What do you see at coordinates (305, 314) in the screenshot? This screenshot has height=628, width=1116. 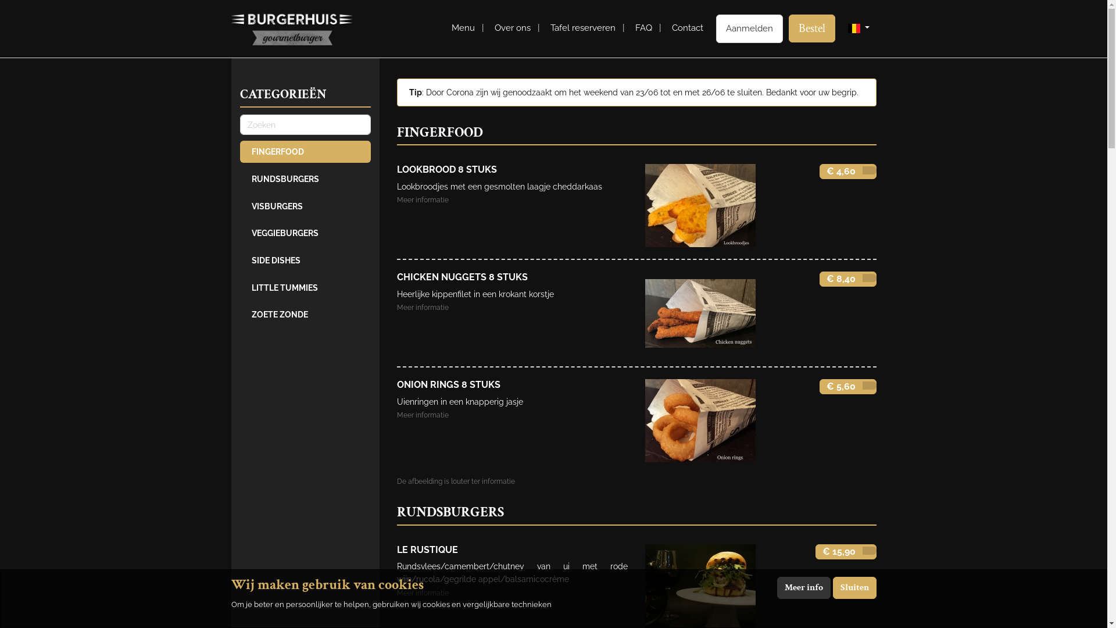 I see `'ZOETE ZONDE'` at bounding box center [305, 314].